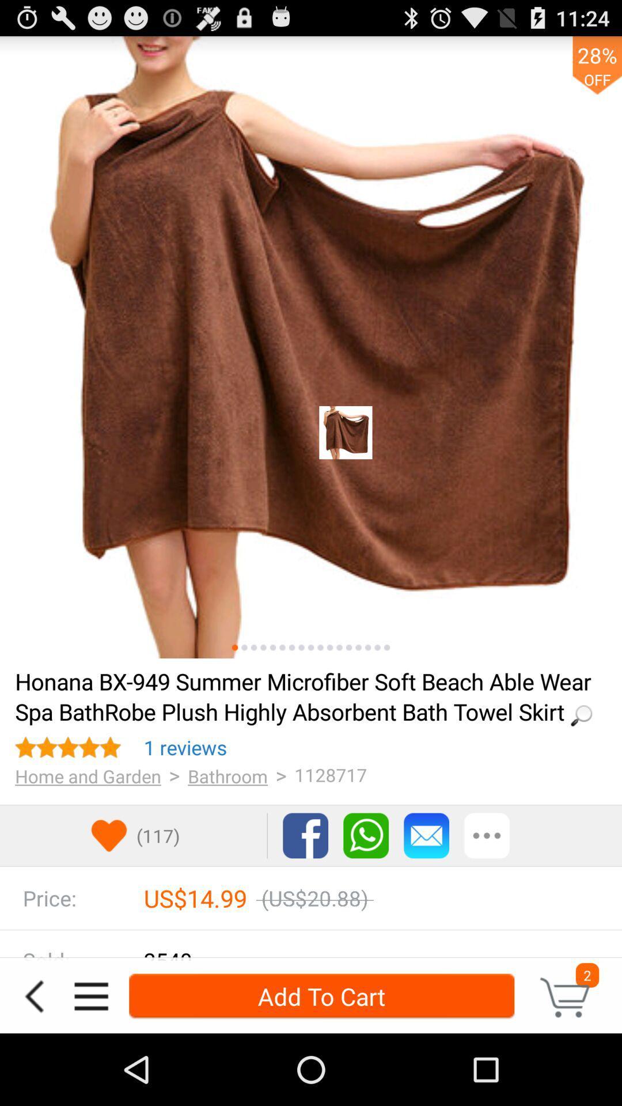  Describe the element at coordinates (185, 747) in the screenshot. I see `1 reviews item` at that location.